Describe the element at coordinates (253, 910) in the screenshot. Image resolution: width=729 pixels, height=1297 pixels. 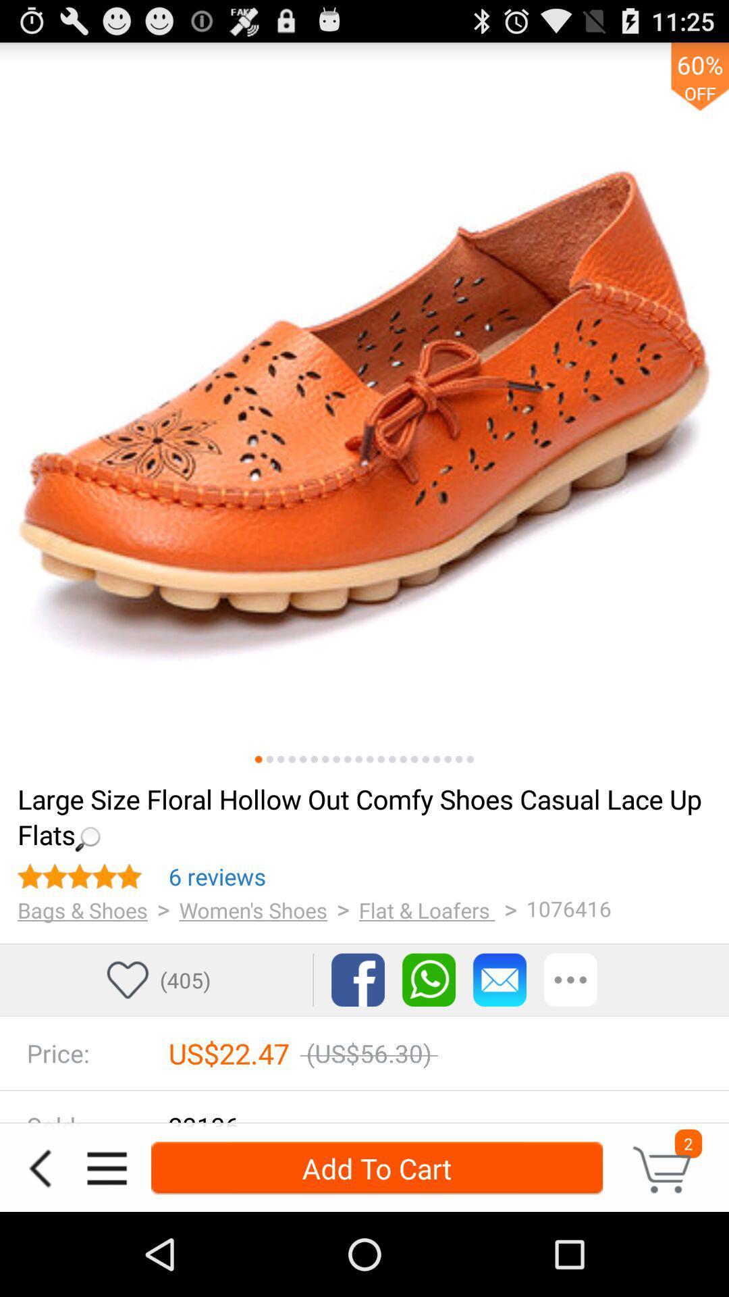
I see `app to the right of > app` at that location.